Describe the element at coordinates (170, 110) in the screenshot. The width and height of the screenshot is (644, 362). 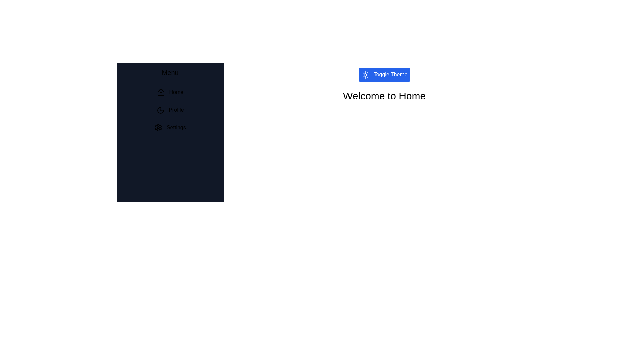
I see `the Profile section from the menu` at that location.